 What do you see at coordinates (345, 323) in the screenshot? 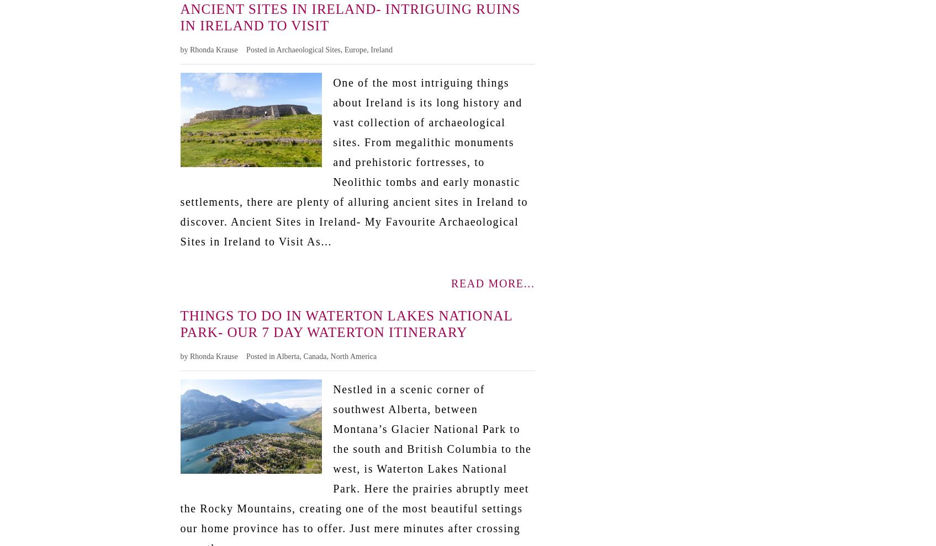
I see `'Things to Do in Waterton Lakes National Park- Our 7 Day Waterton Itinerary'` at bounding box center [345, 323].